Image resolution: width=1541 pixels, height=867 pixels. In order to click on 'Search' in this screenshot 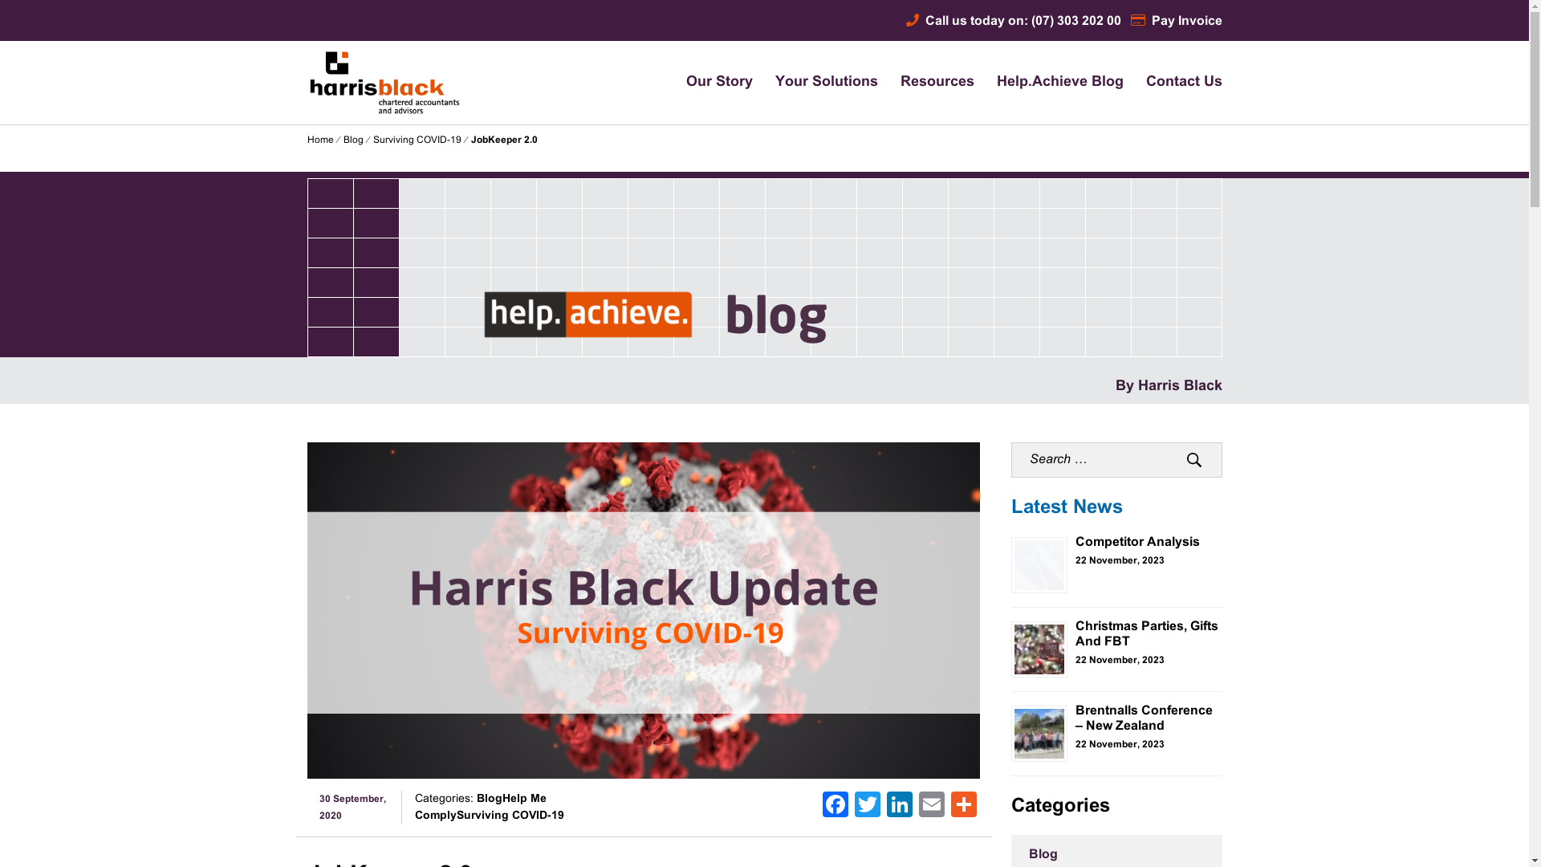, I will do `click(1194, 460)`.